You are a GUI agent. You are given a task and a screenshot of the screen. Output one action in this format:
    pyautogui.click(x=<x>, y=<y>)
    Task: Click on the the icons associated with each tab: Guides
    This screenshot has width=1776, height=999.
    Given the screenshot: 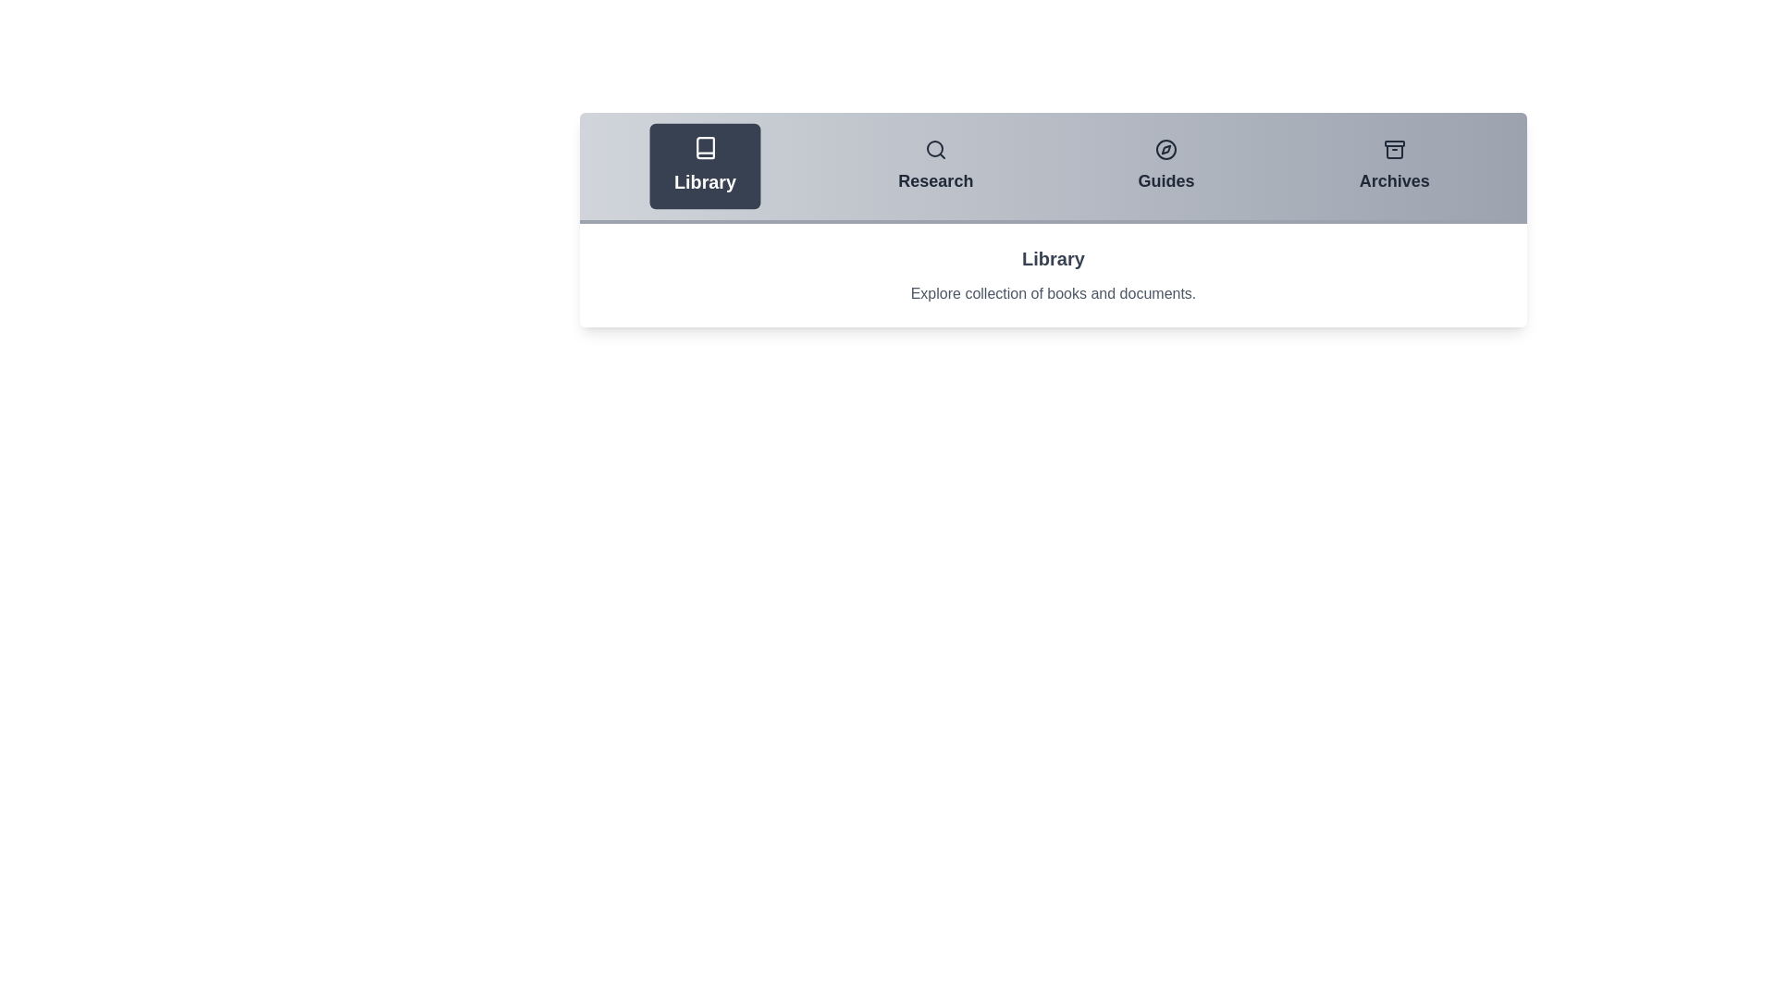 What is the action you would take?
    pyautogui.click(x=1165, y=149)
    